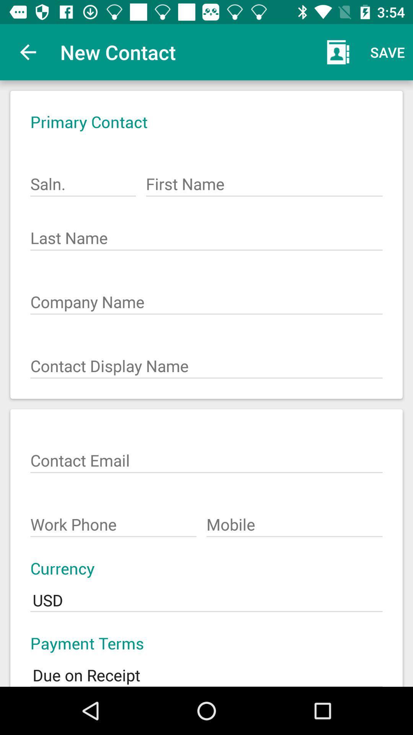 The image size is (413, 735). I want to click on usd, so click(206, 595).